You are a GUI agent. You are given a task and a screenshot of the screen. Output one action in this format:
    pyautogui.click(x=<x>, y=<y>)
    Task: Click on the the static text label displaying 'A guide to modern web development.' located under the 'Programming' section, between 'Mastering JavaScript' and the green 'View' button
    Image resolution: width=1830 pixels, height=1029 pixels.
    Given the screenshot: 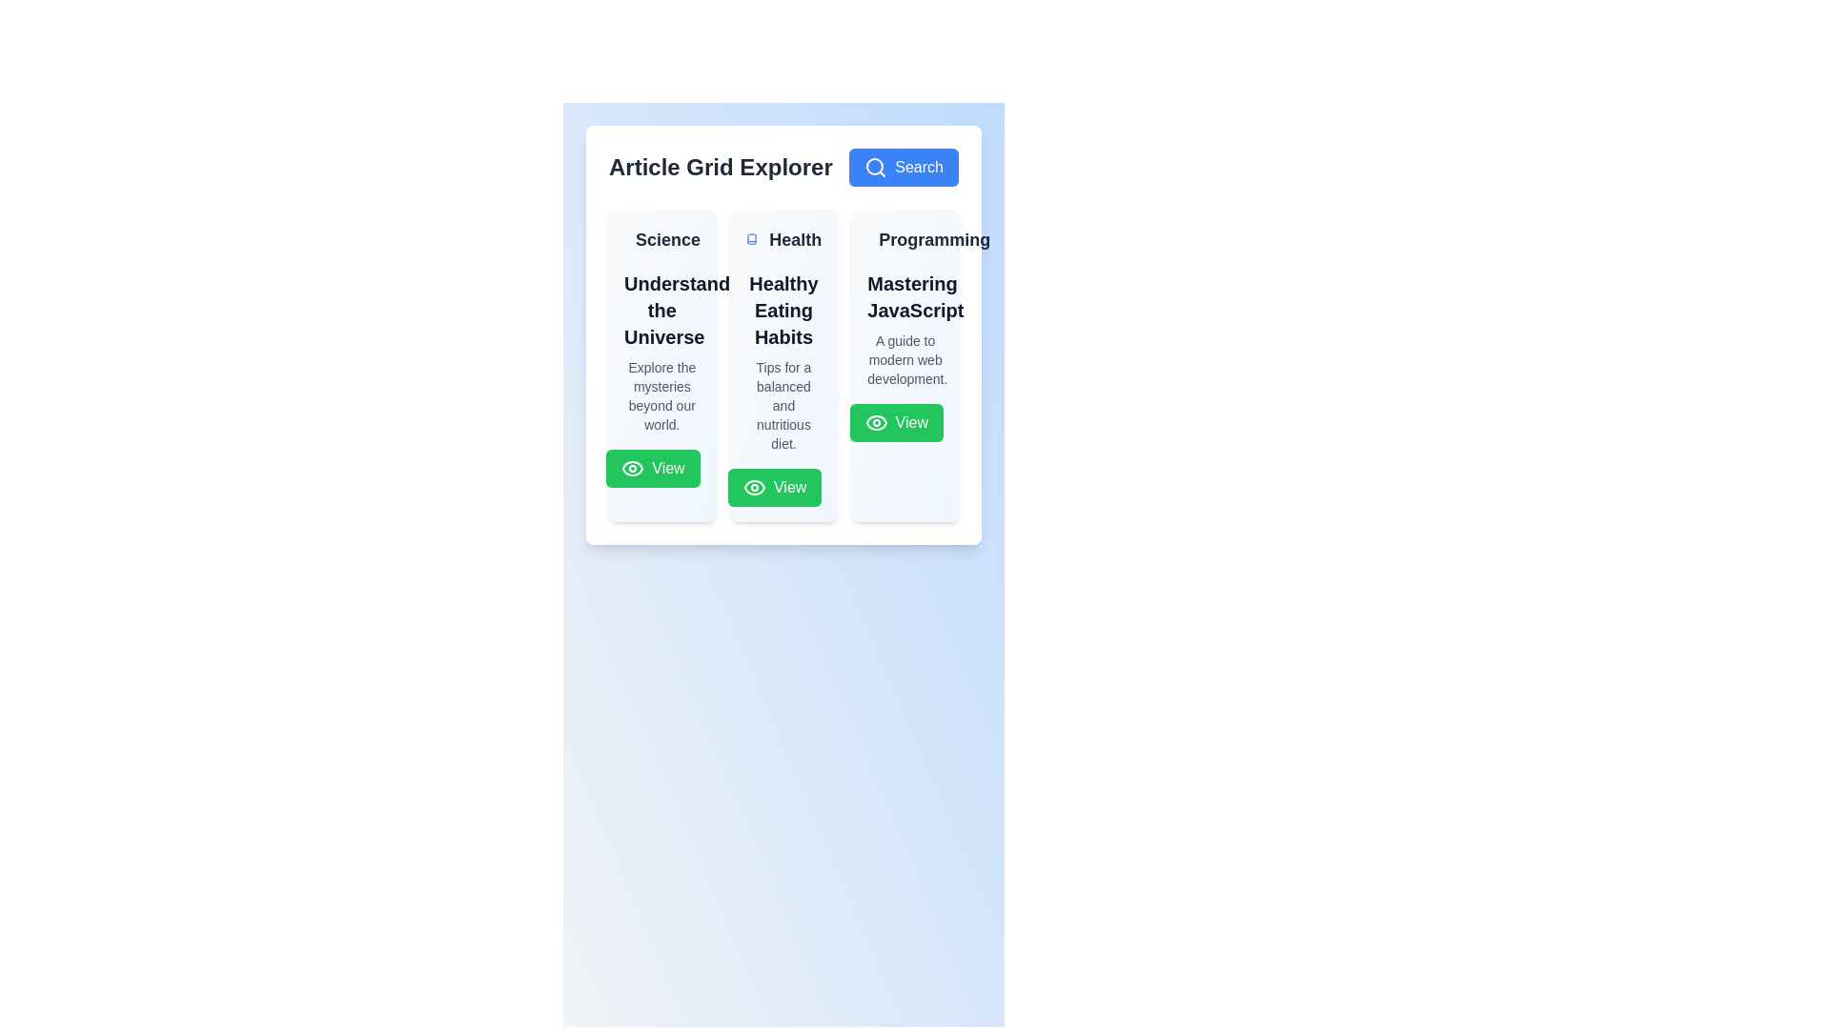 What is the action you would take?
    pyautogui.click(x=905, y=360)
    